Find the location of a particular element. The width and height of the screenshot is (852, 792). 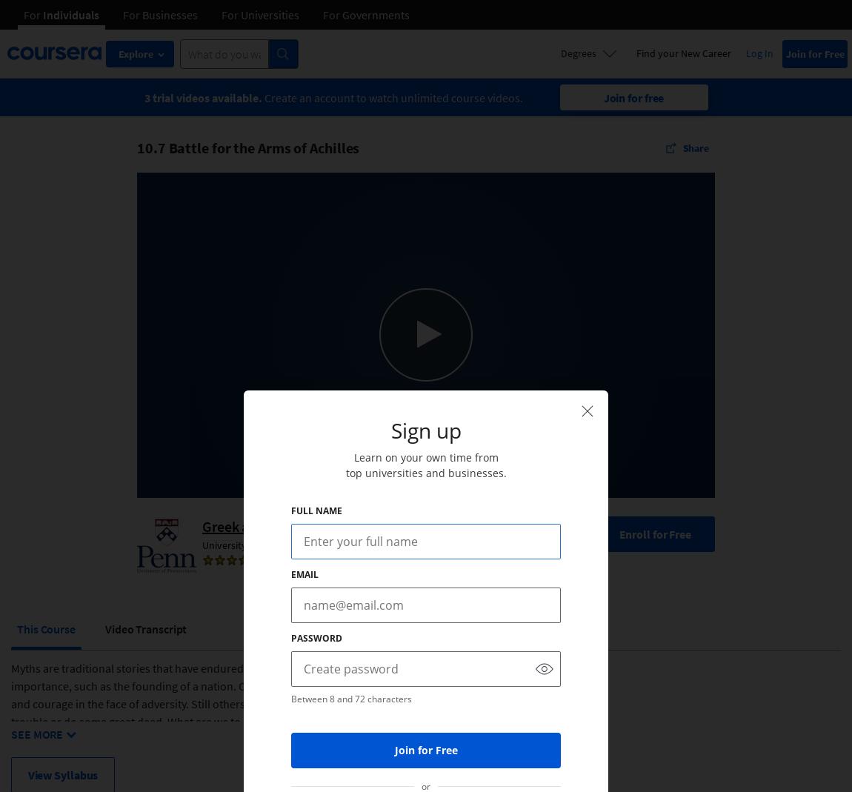

'Join for free' is located at coordinates (633, 96).